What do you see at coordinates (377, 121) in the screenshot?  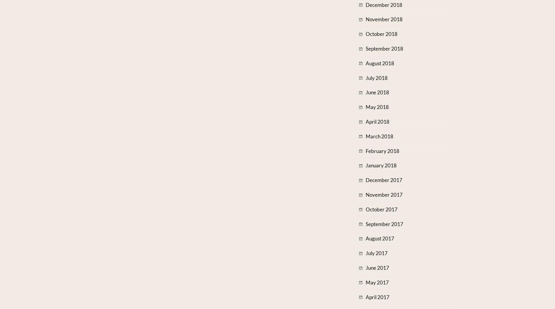 I see `'April 2018'` at bounding box center [377, 121].